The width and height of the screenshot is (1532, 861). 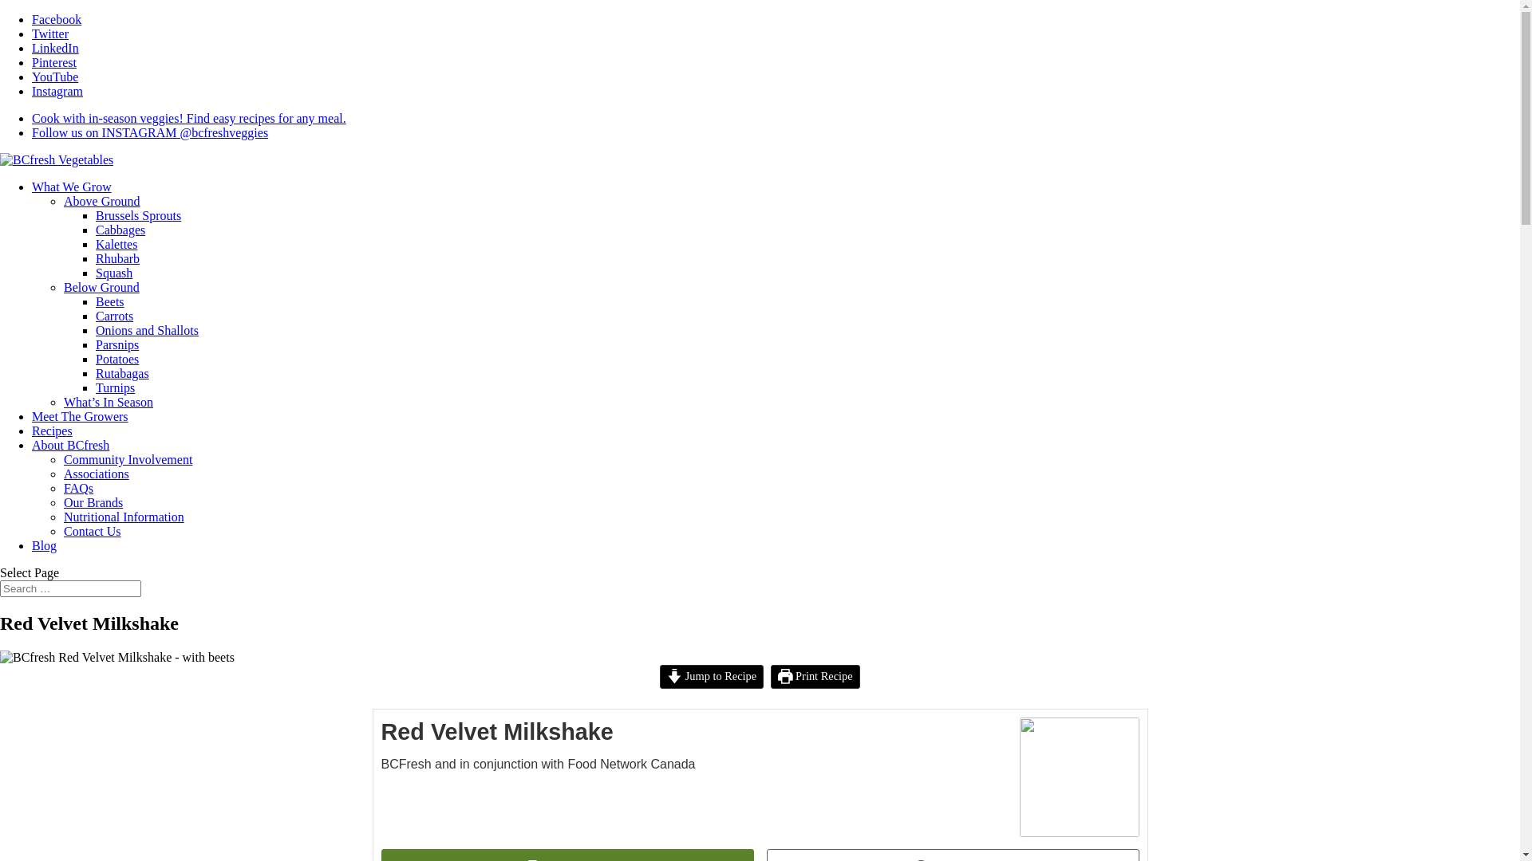 What do you see at coordinates (113, 272) in the screenshot?
I see `'Squash'` at bounding box center [113, 272].